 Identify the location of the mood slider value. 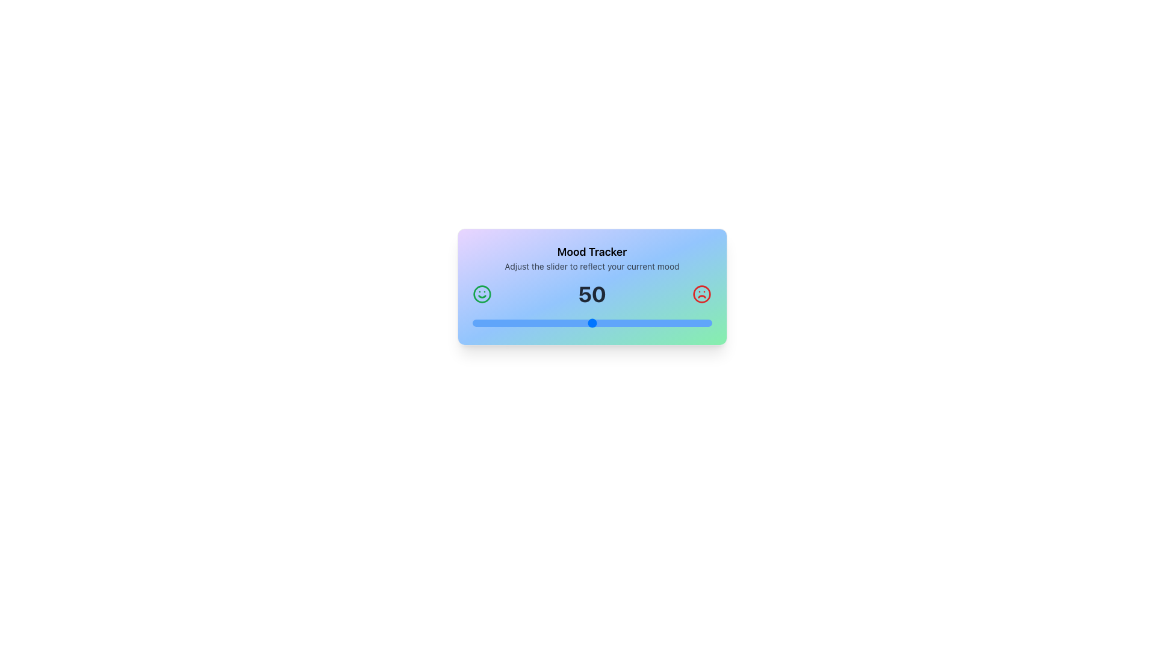
(700, 322).